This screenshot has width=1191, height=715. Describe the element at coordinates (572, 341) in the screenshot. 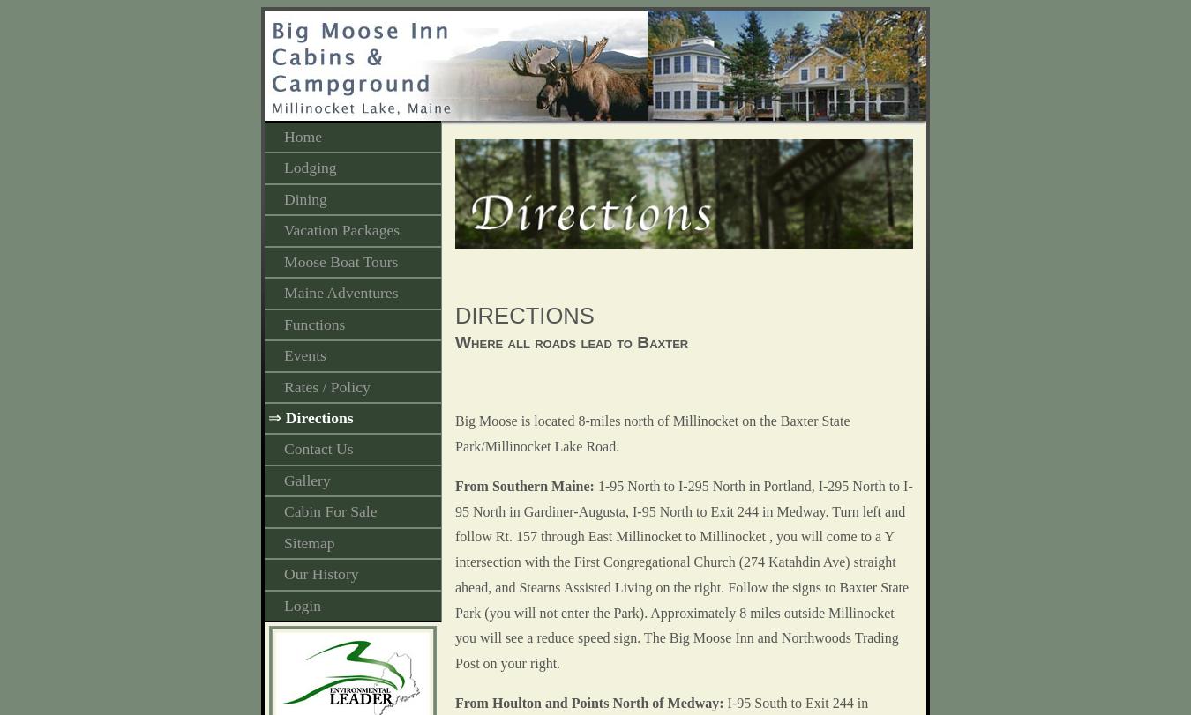

I see `'Where all roads lead to Baxter'` at that location.